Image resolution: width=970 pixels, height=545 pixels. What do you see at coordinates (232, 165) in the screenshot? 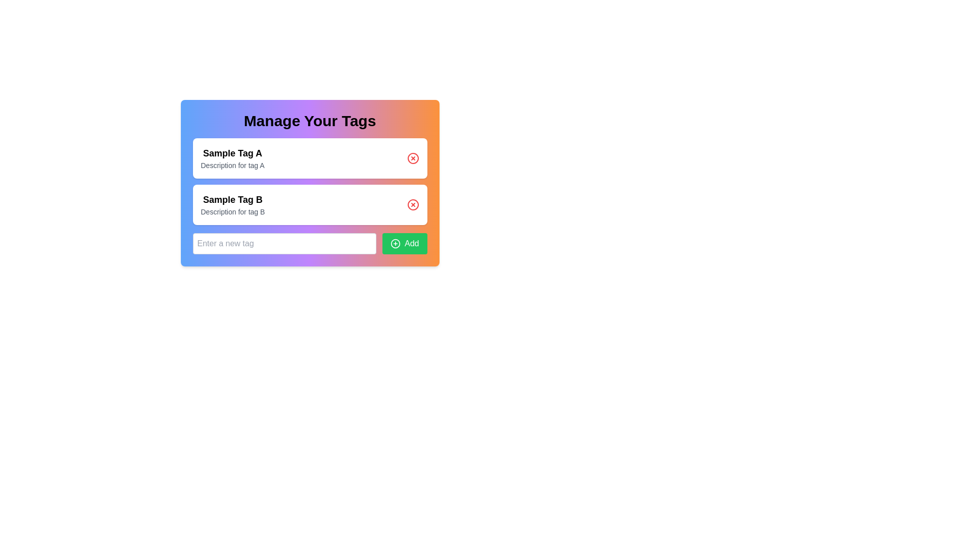
I see `the Text label providing additional information under 'Sample Tag A' in the tag list` at bounding box center [232, 165].